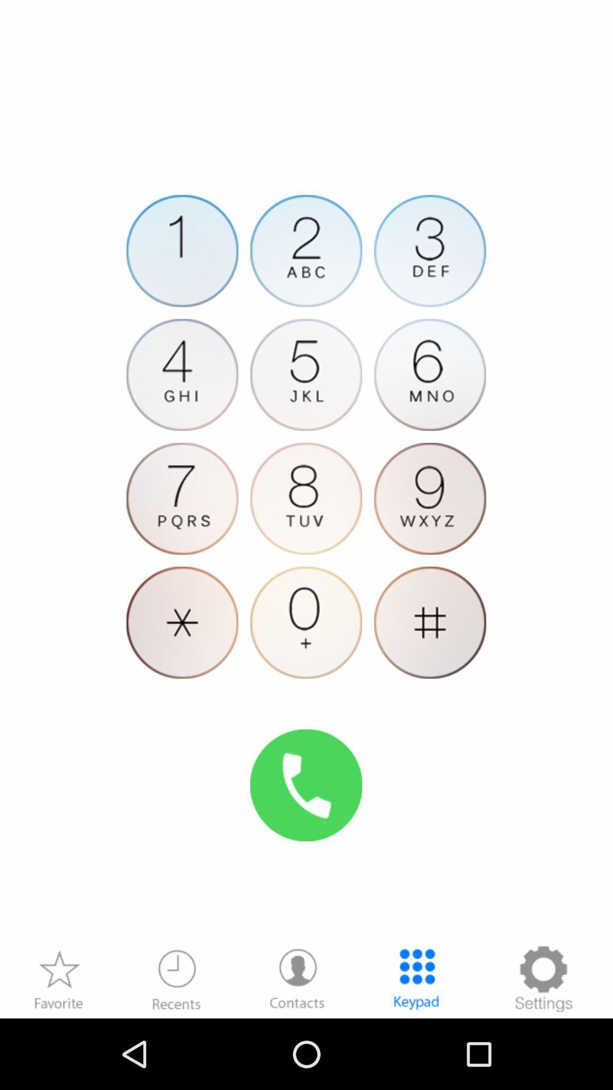 The width and height of the screenshot is (613, 1090). What do you see at coordinates (305, 840) in the screenshot?
I see `the call icon` at bounding box center [305, 840].